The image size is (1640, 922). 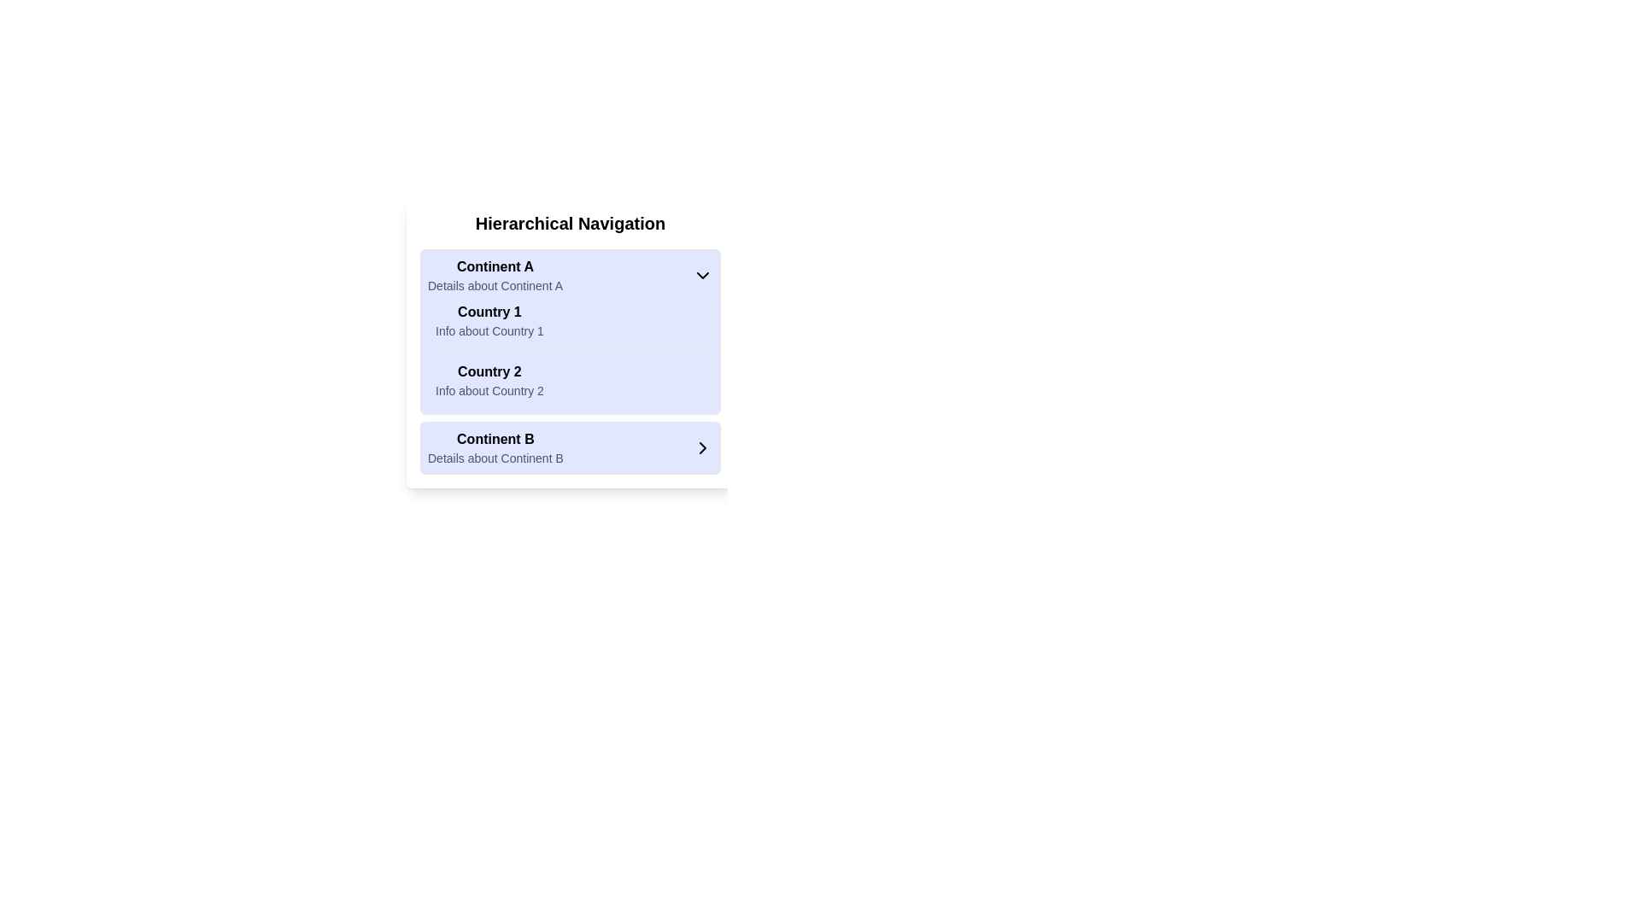 I want to click on the Text Label that provides supplementary information for 'Continent B', located directly beneath the 'Continent B' label and centered horizontally, so click(x=495, y=457).